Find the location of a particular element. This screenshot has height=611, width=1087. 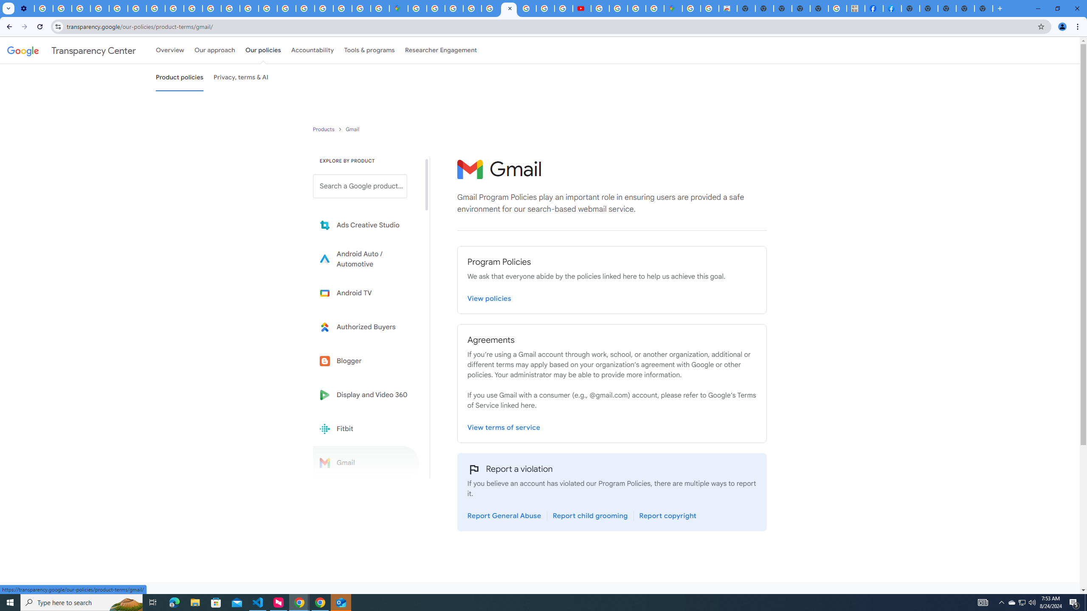

'Display and Video 360' is located at coordinates (366, 395).